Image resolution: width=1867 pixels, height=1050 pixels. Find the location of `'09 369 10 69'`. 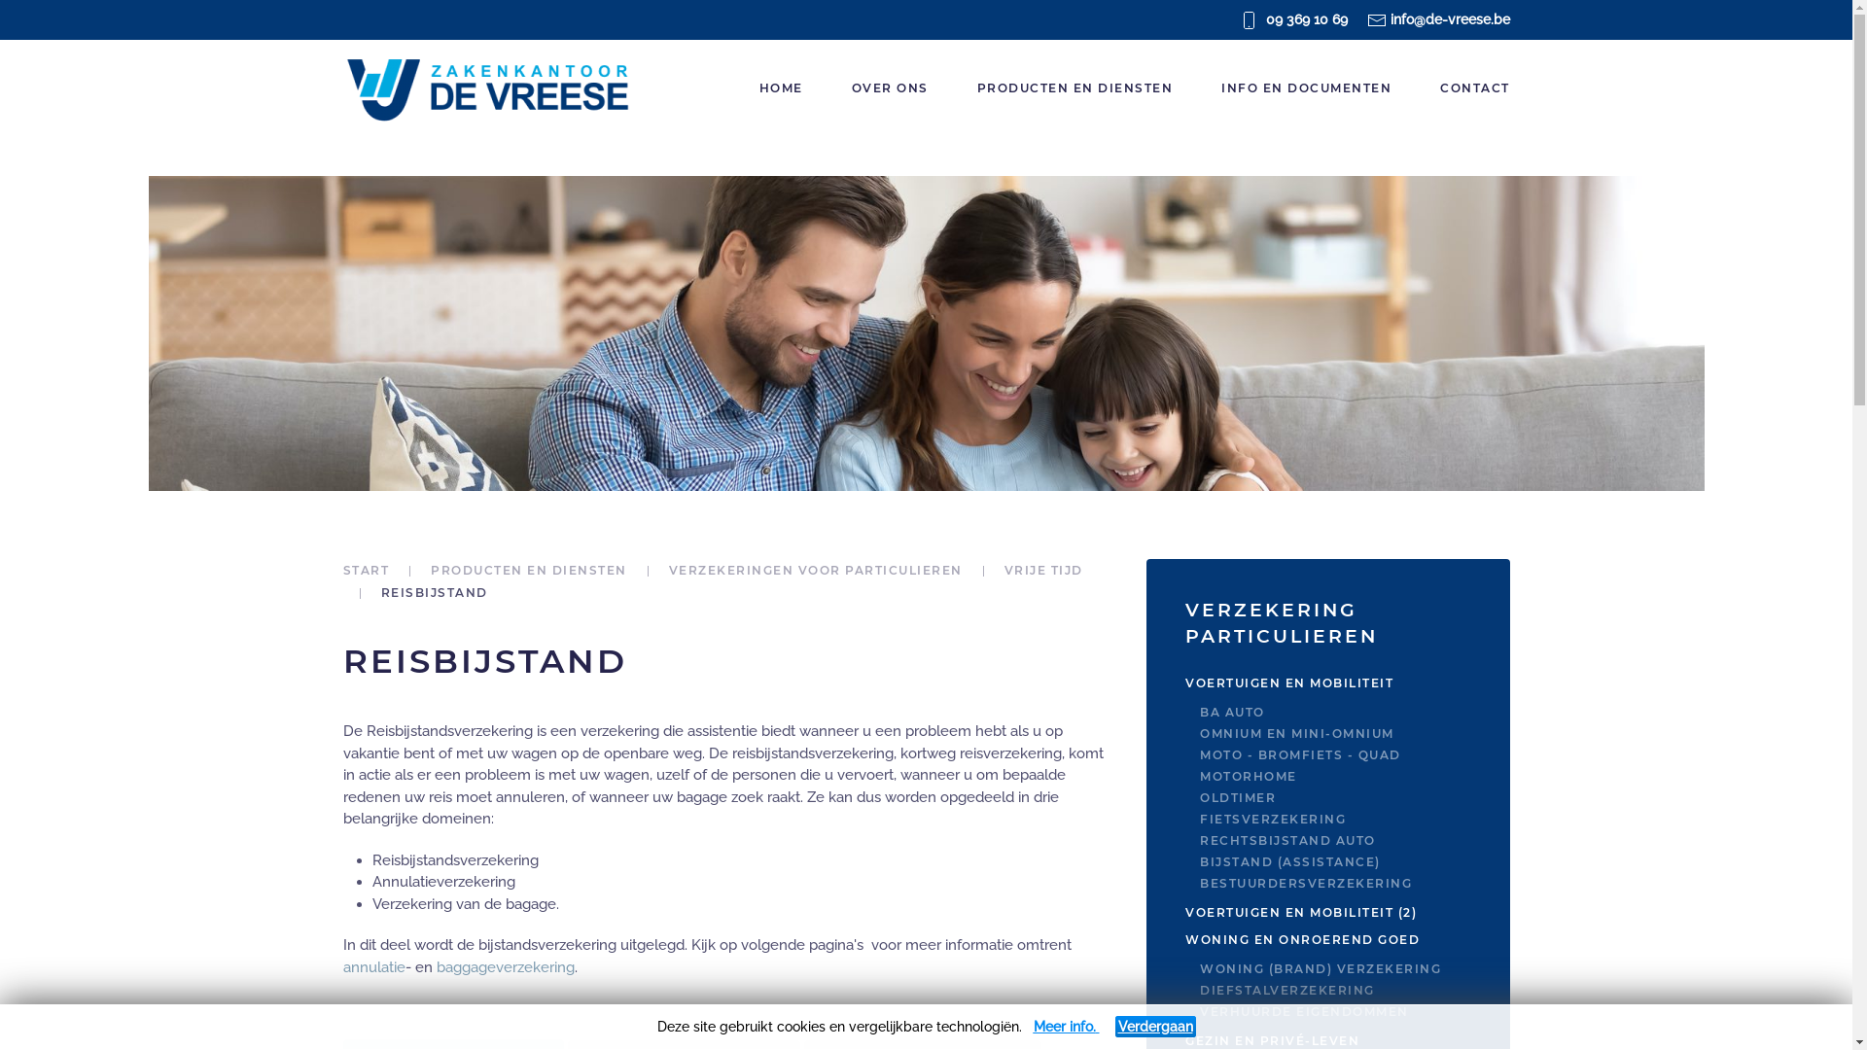

'09 369 10 69' is located at coordinates (1307, 18).